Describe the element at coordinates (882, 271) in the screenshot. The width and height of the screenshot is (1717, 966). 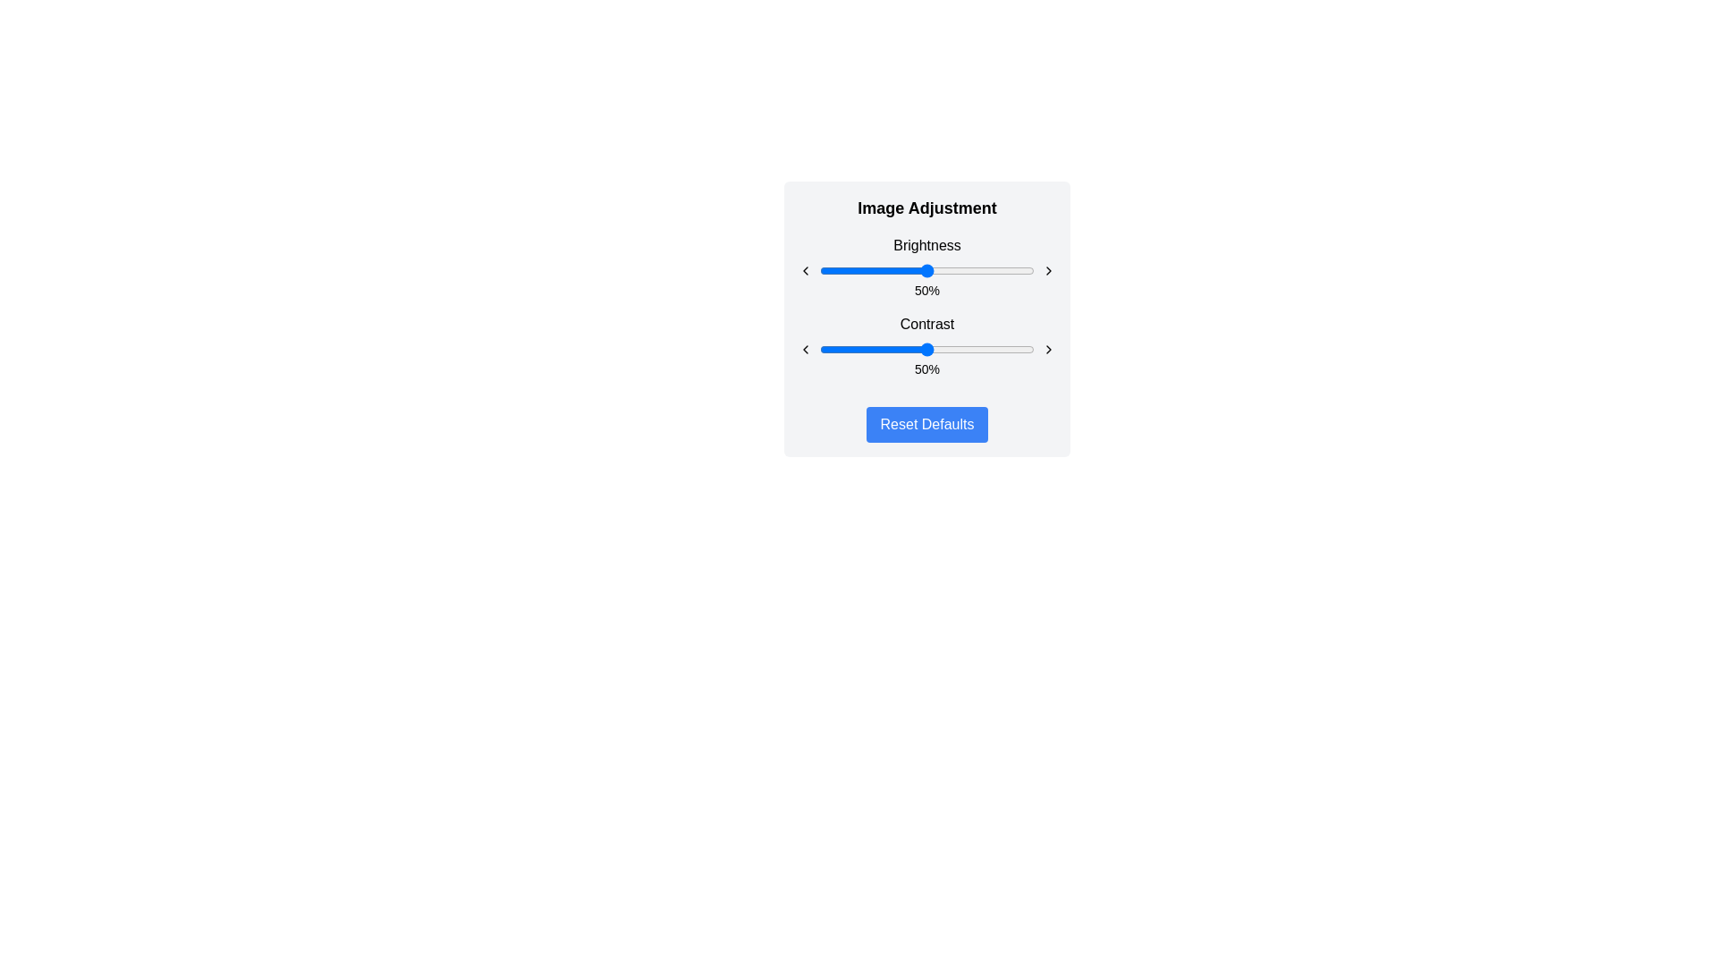
I see `brightness` at that location.